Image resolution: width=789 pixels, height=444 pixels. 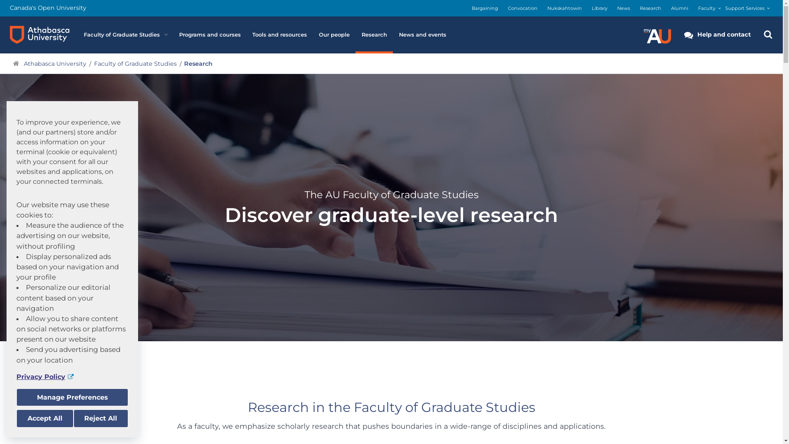 I want to click on 'Athabasca University logo', so click(x=39, y=34).